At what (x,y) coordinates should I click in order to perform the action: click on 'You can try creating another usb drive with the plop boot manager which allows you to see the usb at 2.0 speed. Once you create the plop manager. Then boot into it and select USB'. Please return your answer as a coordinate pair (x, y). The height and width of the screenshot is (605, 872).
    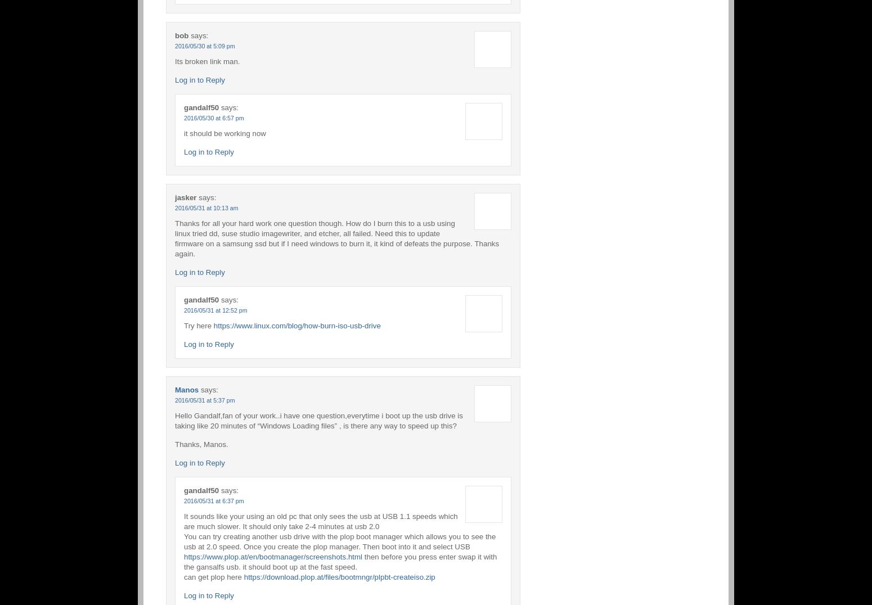
    Looking at the image, I should click on (183, 541).